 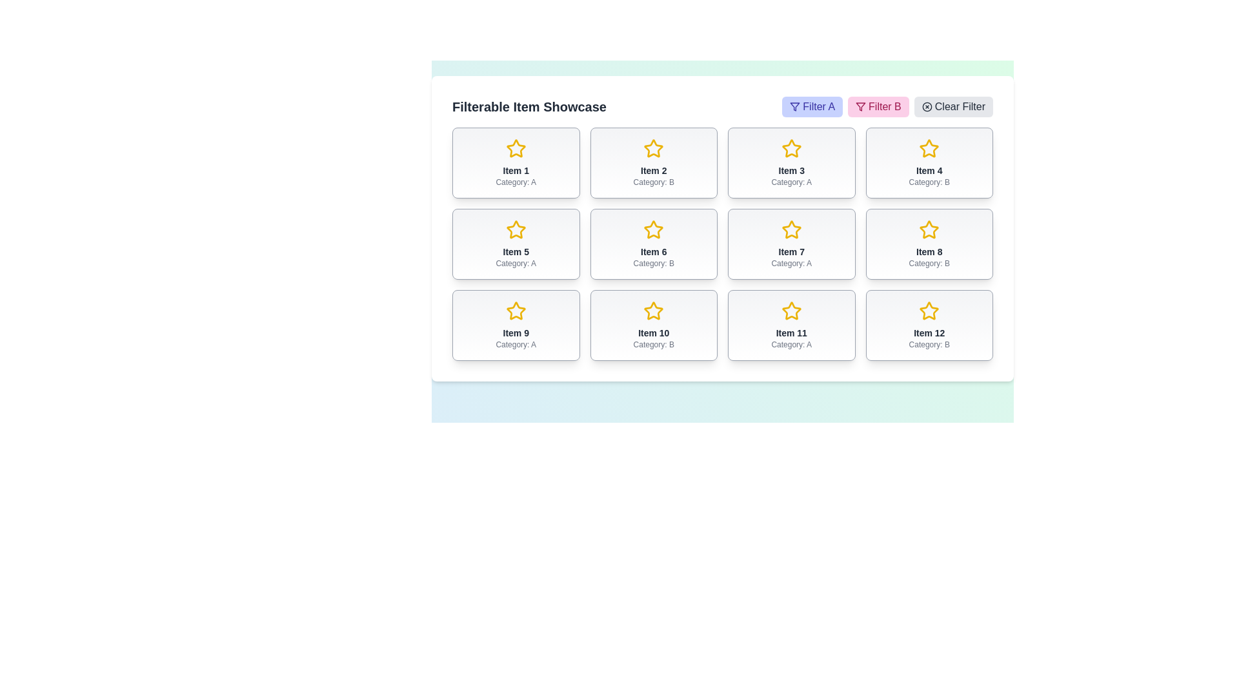 I want to click on the 'Filter B' button with a pink background and dark pink text, so click(x=878, y=106).